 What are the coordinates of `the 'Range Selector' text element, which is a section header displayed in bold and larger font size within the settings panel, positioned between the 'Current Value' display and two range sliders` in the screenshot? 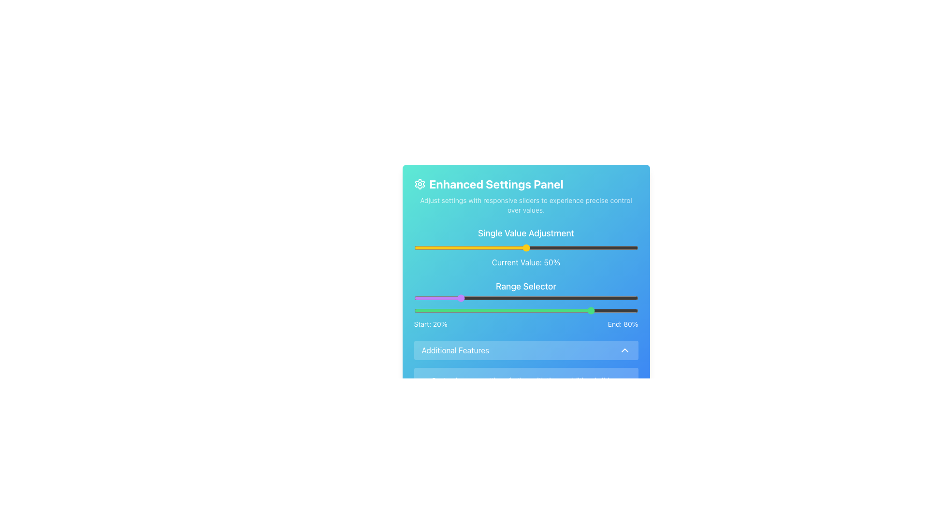 It's located at (525, 286).